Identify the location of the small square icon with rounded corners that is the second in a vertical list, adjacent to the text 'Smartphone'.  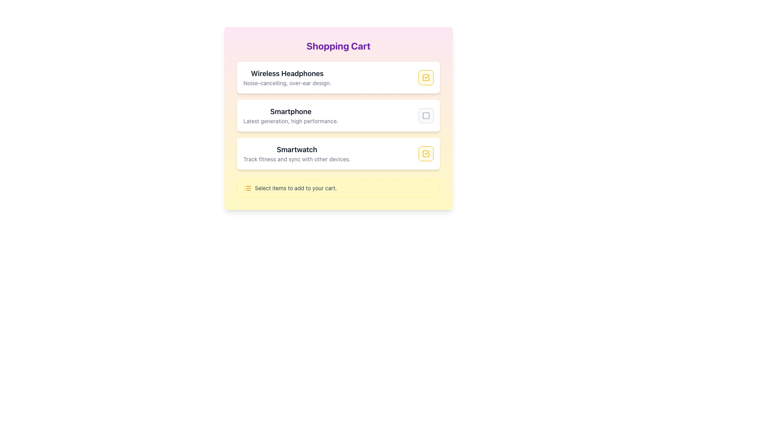
(426, 116).